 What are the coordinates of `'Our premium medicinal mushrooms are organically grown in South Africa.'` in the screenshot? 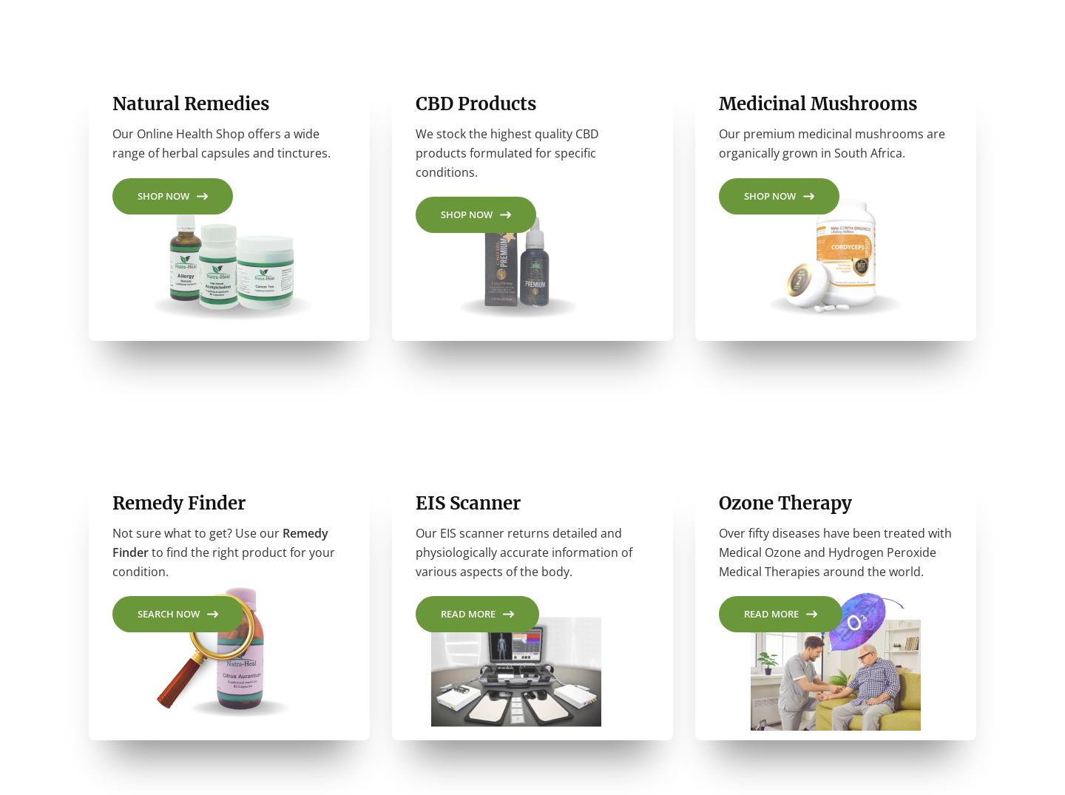 It's located at (831, 148).